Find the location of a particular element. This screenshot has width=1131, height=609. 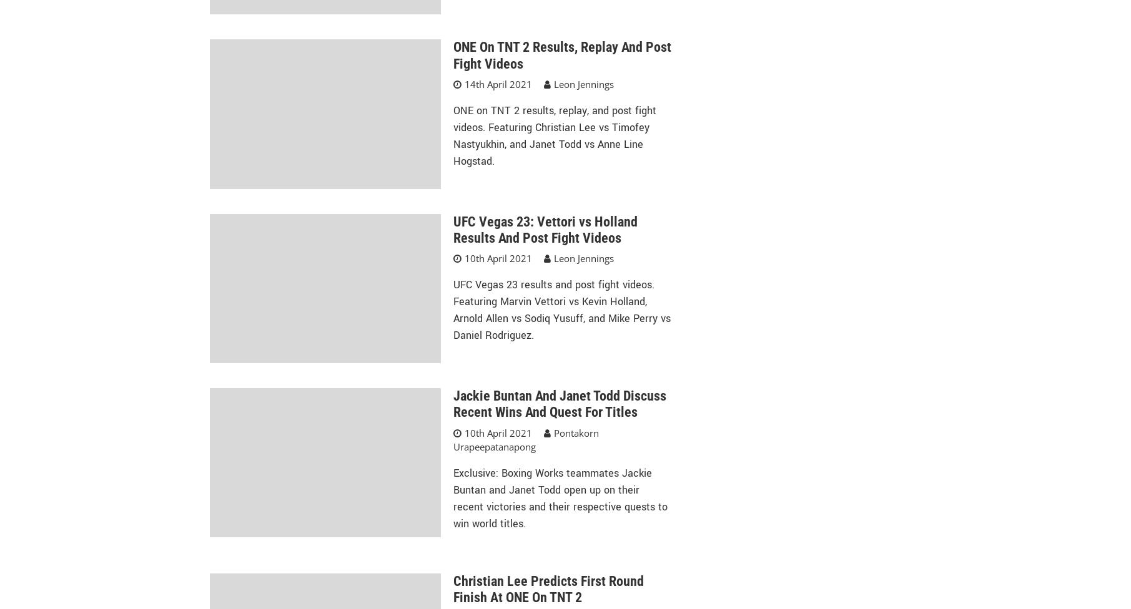

'Exclusive: Boxing Works teammates Jackie Buntan and Janet Todd open up on their recent victories and their respective quests to win world titles.' is located at coordinates (560, 497).